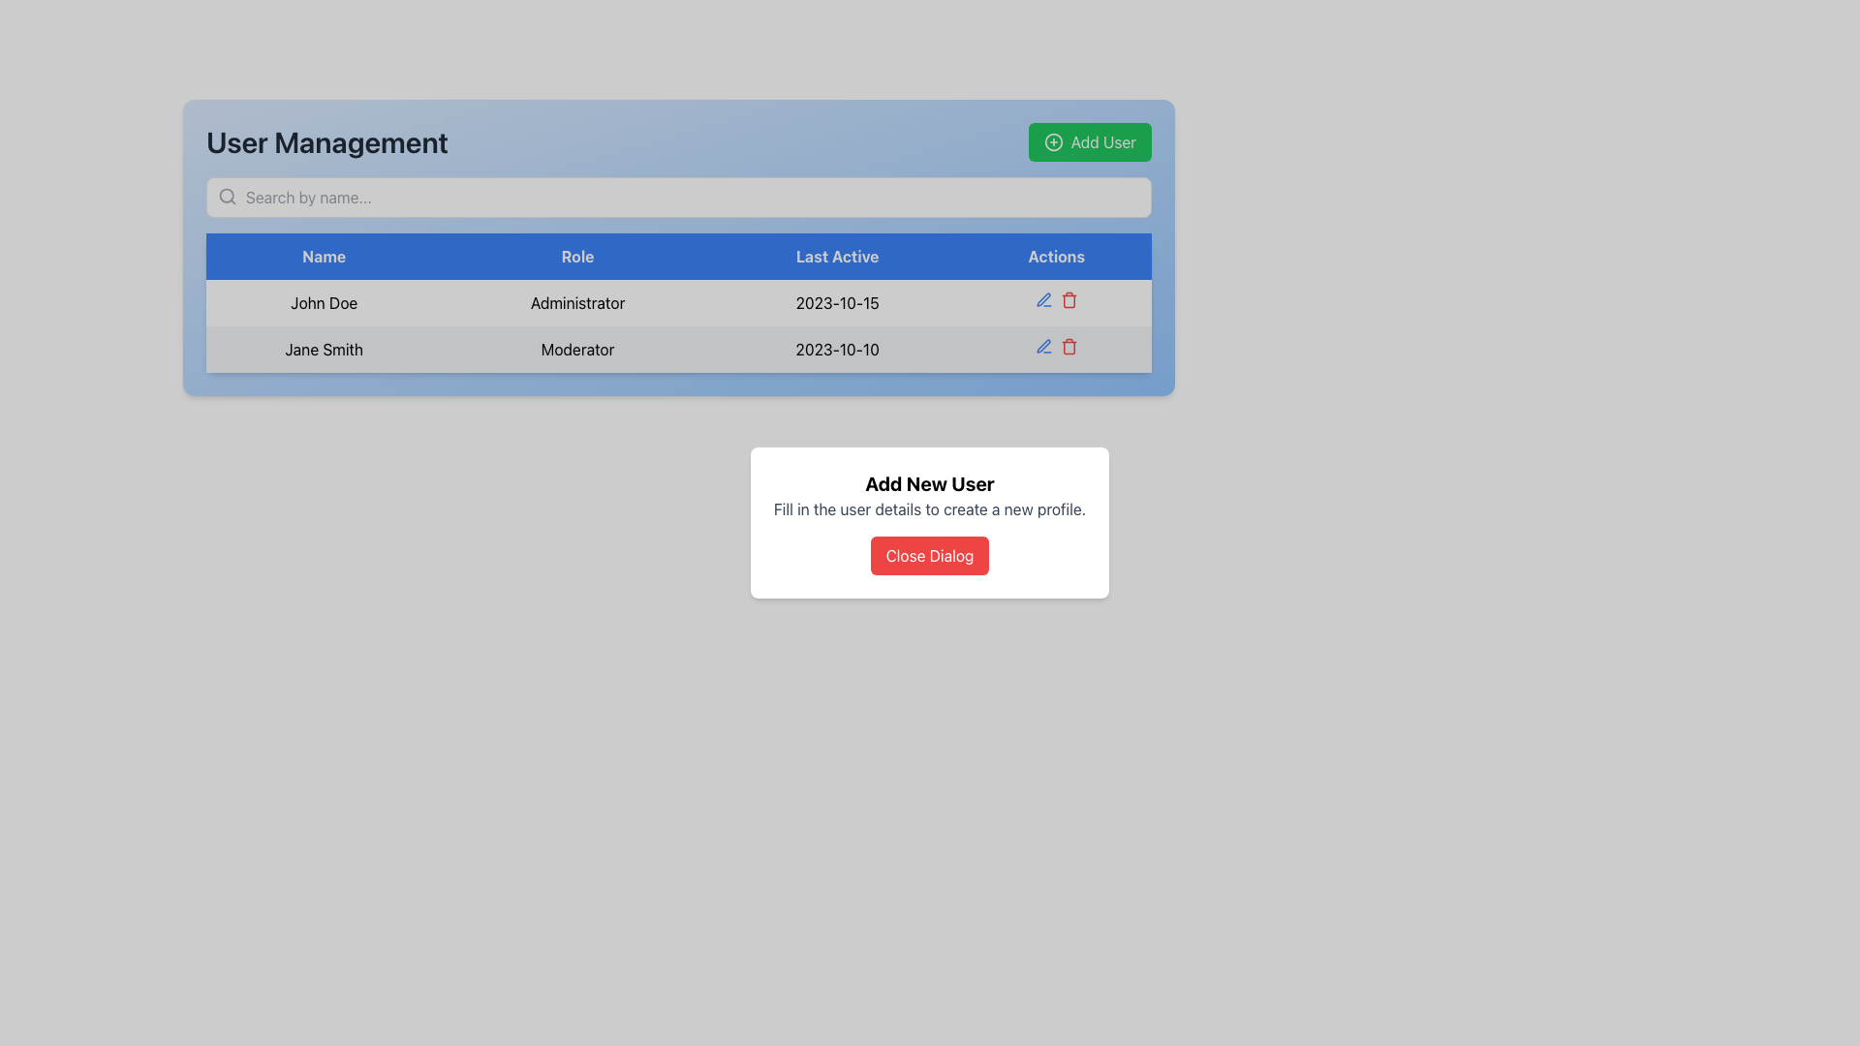 The image size is (1860, 1046). I want to click on the third button in the 'Add New User' dialog, so click(930, 556).